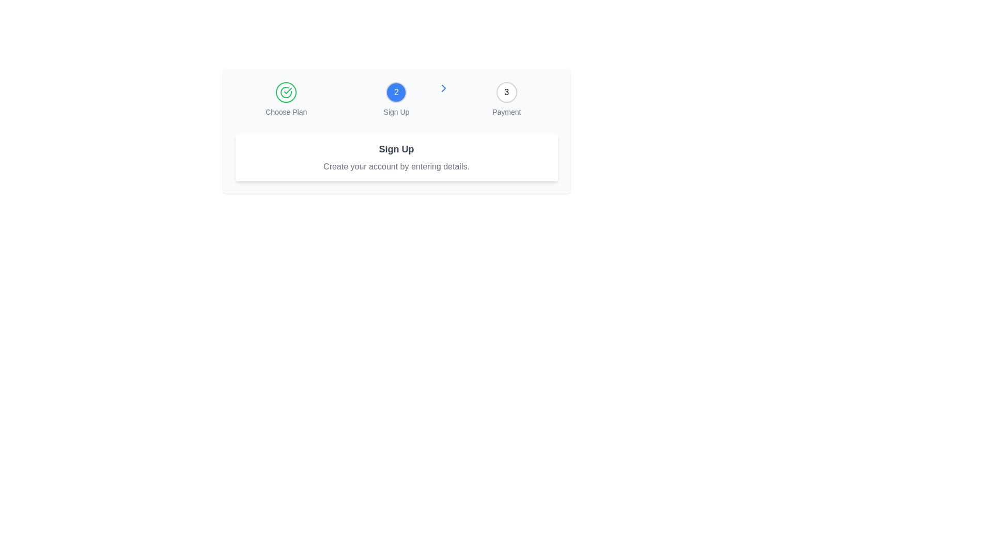 The image size is (992, 558). I want to click on the green checkmark icon indicating the completion of the 'Choose Plan' step in the navigation bar, so click(288, 90).